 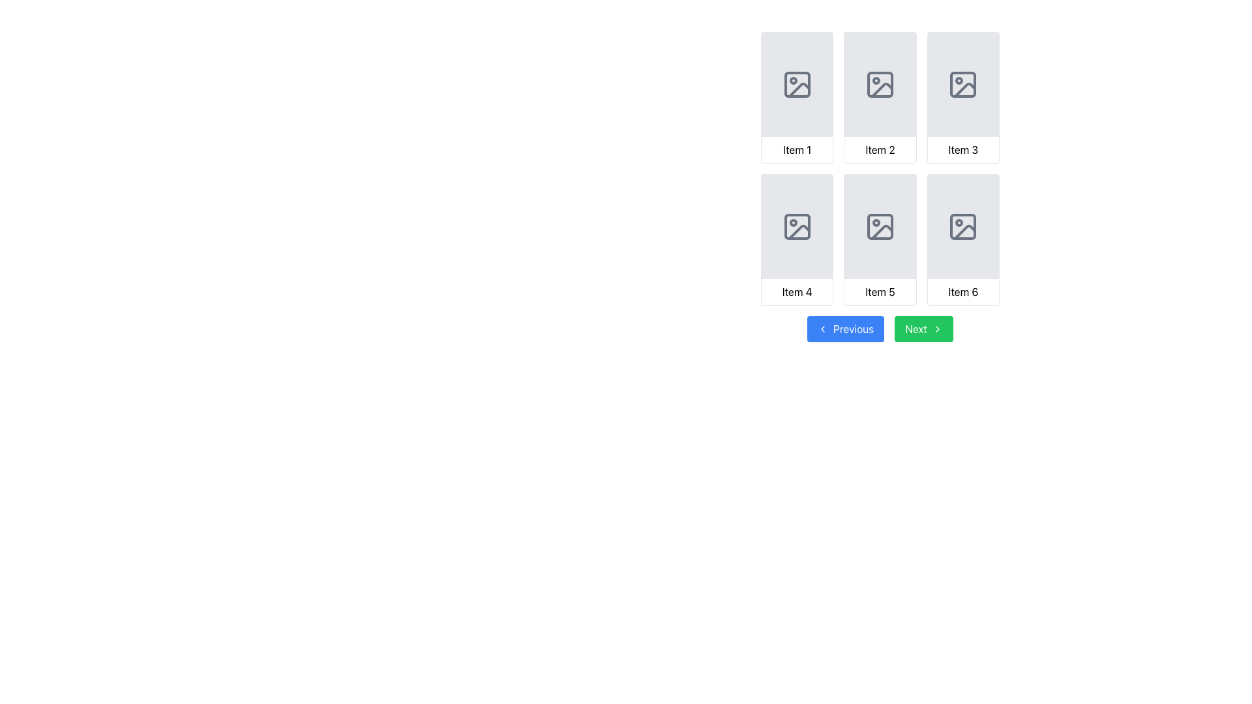 What do you see at coordinates (963, 291) in the screenshot?
I see `the label or caption element located in the bottom row of a grid layout, specifically in the sixth position overall and the rightmost column of its row` at bounding box center [963, 291].